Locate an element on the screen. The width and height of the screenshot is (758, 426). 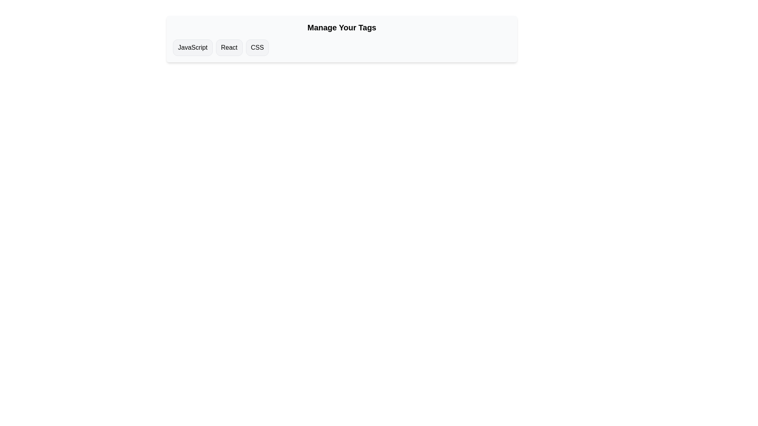
the tag labeled JavaScript to toggle its selection state is located at coordinates (193, 47).